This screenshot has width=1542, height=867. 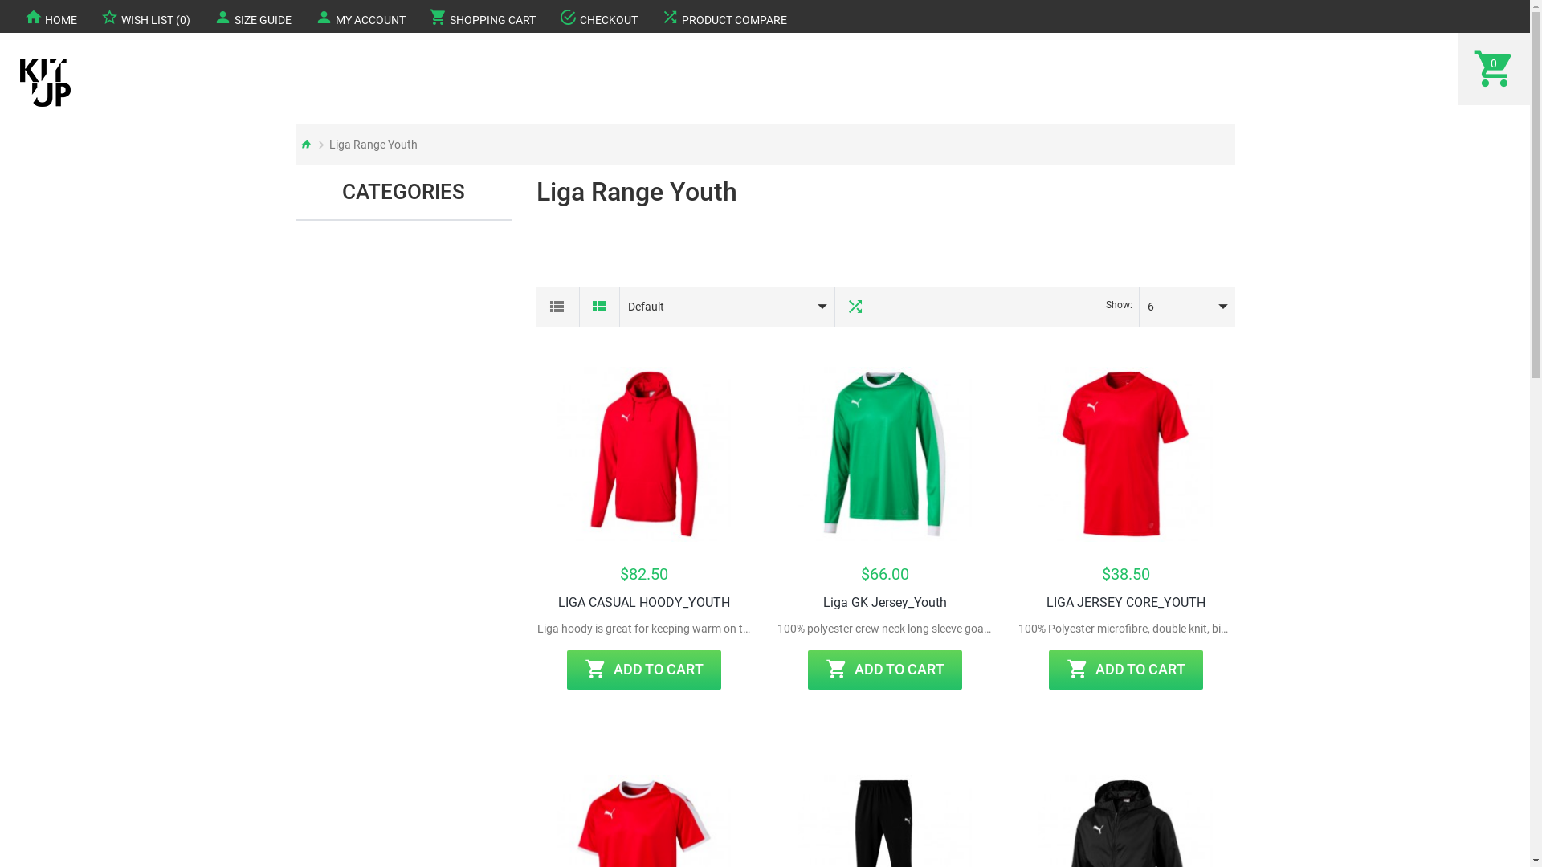 I want to click on 'Kit-Up', so click(x=45, y=83).